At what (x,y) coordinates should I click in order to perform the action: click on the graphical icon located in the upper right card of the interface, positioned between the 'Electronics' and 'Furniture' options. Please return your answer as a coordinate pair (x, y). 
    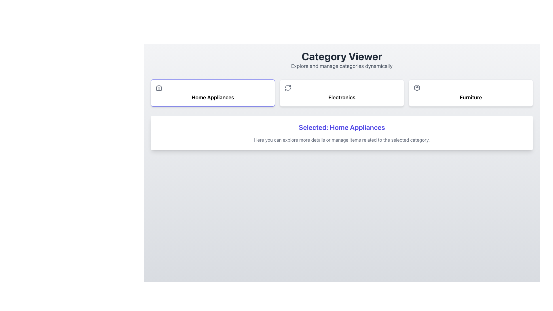
    Looking at the image, I should click on (417, 88).